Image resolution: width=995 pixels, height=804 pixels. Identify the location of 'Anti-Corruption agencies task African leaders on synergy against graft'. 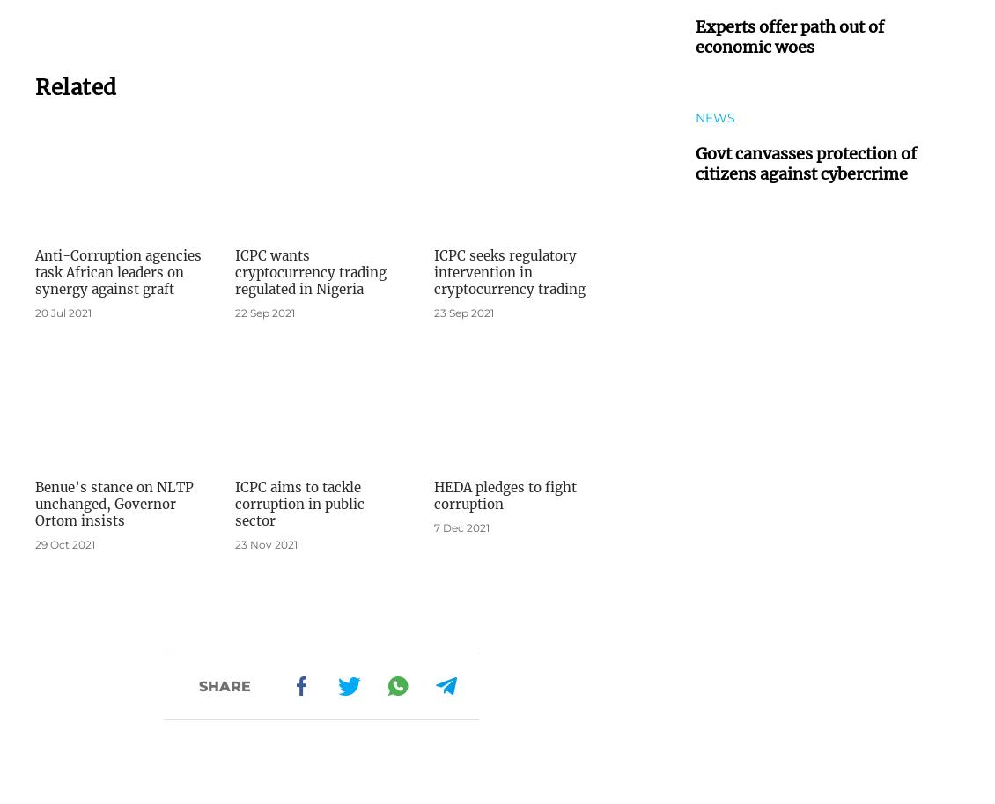
(117, 271).